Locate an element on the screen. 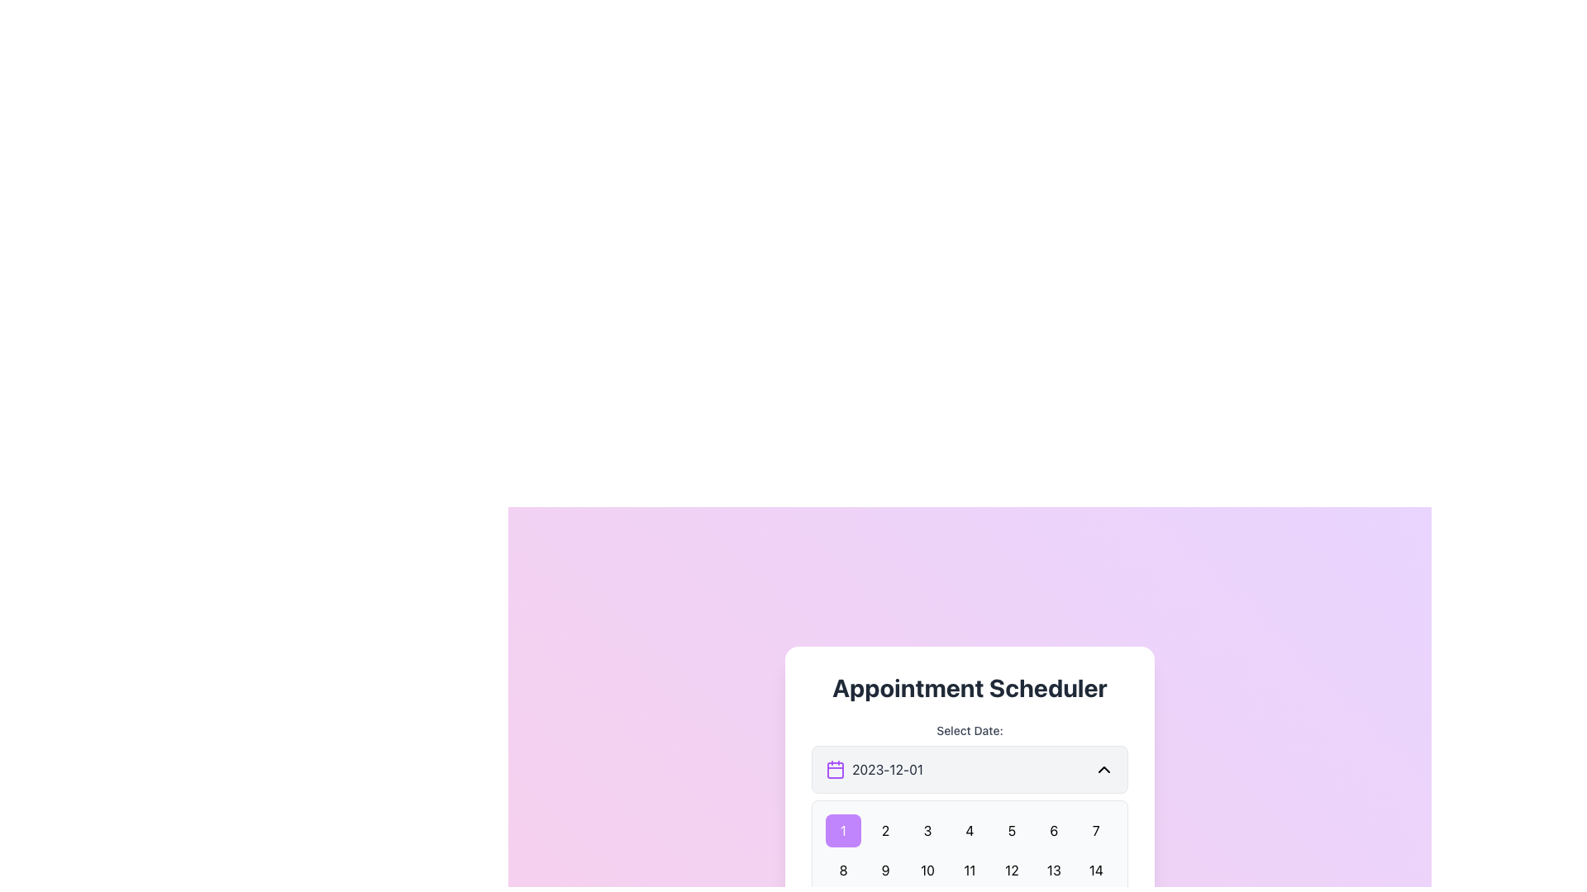 Image resolution: width=1587 pixels, height=892 pixels. the button displaying the number '11' in the fourth row and fourth column of the grid under 'Select Date' is located at coordinates (970, 870).